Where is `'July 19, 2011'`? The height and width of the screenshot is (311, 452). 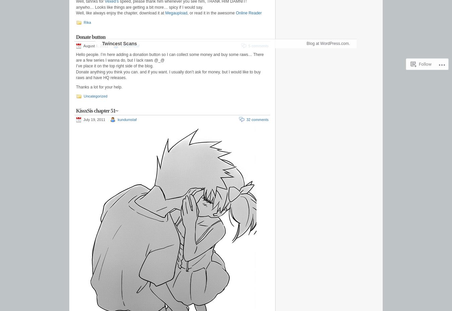 'July 19, 2011' is located at coordinates (83, 119).